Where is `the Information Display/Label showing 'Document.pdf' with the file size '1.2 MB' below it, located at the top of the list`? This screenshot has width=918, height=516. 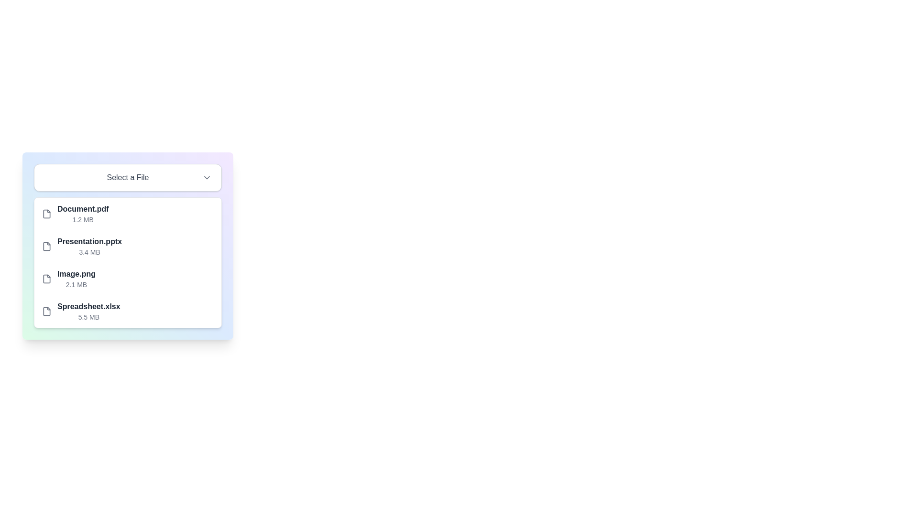 the Information Display/Label showing 'Document.pdf' with the file size '1.2 MB' below it, located at the top of the list is located at coordinates (83, 213).